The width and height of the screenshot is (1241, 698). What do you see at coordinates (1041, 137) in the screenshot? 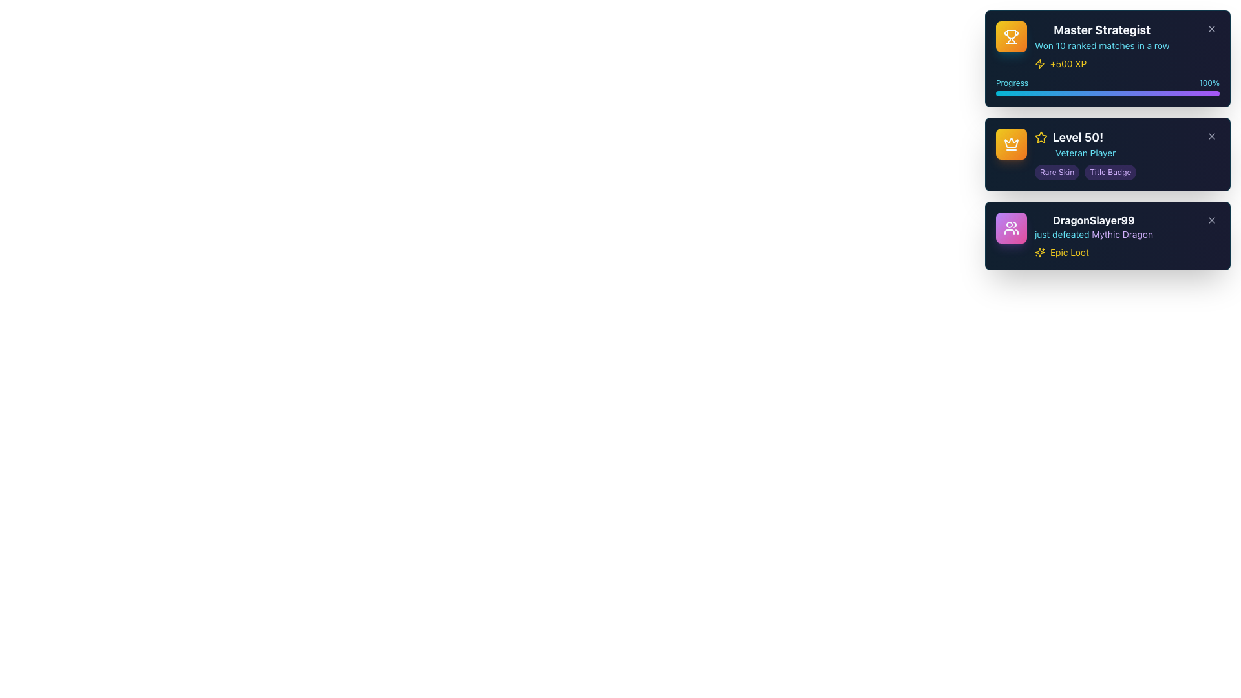
I see `the star-shaped icon with a yellow outline located to the left of the 'Level 50!' text` at bounding box center [1041, 137].